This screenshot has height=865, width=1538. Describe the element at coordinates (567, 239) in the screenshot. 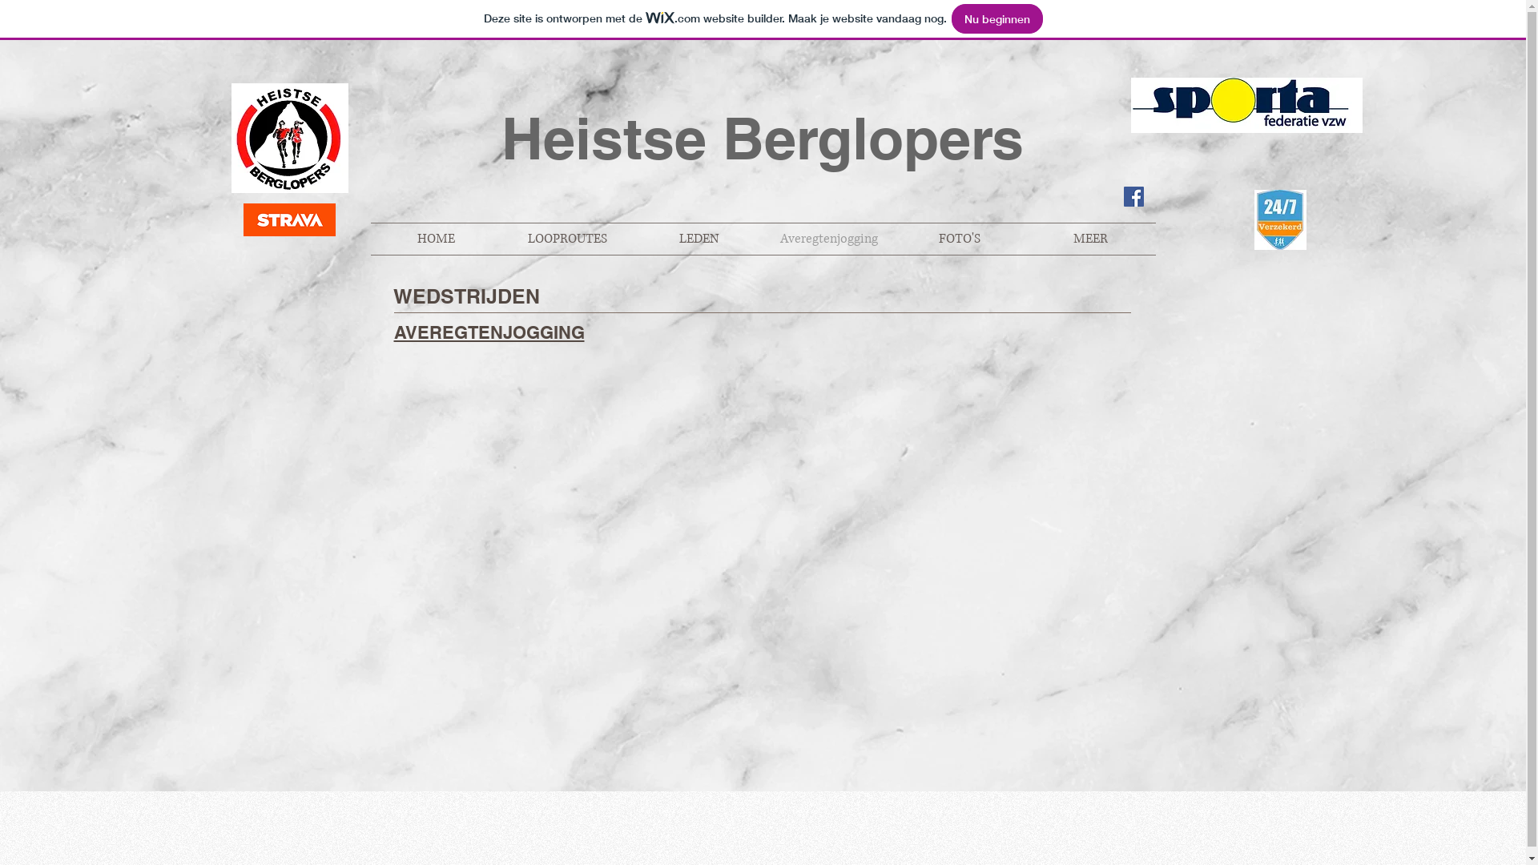

I see `'LOOPROUTES'` at that location.